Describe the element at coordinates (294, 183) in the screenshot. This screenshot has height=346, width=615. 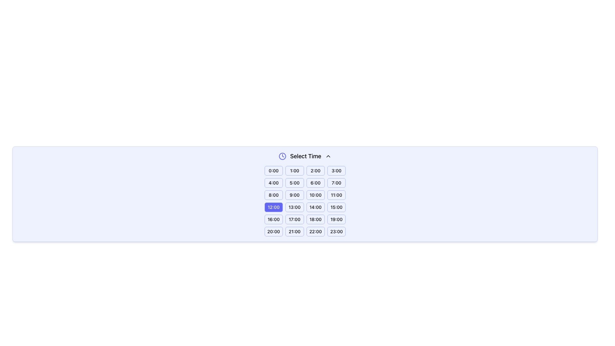
I see `the rectangular button with rounded corners labeled '5:00'` at that location.